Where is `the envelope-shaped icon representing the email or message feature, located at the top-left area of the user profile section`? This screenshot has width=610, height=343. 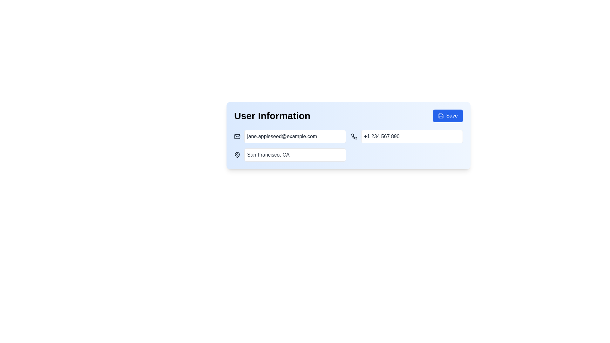 the envelope-shaped icon representing the email or message feature, located at the top-left area of the user profile section is located at coordinates (237, 136).